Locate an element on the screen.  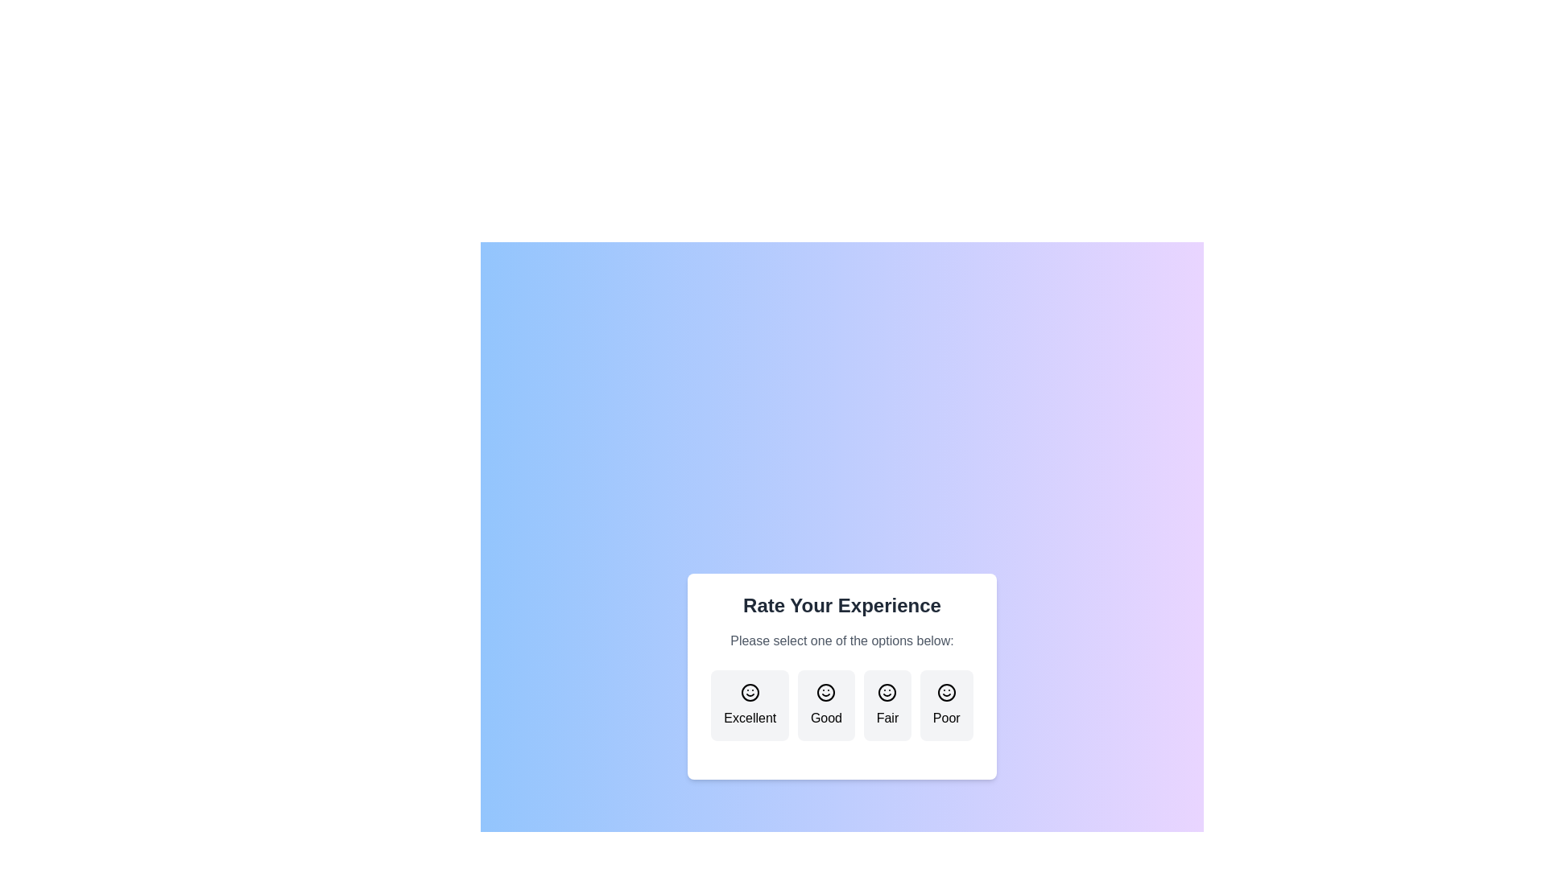
the 'Poor' rating icon in the feedback system is located at coordinates (946, 691).